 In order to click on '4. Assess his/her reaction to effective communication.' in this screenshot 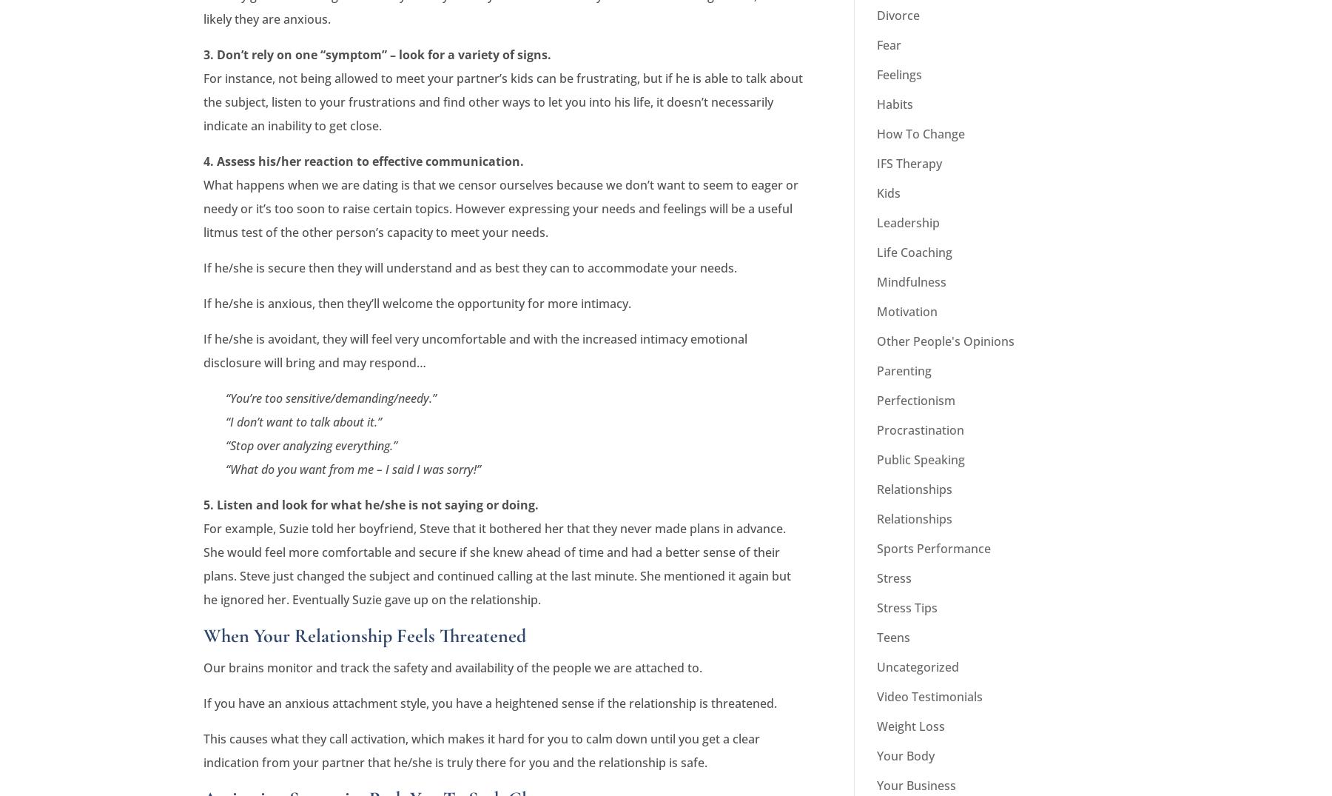, I will do `click(363, 161)`.